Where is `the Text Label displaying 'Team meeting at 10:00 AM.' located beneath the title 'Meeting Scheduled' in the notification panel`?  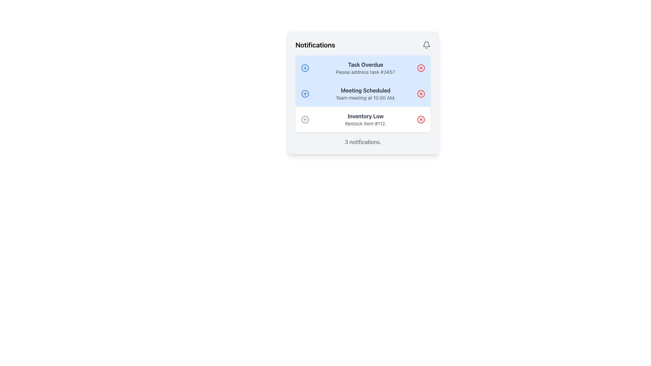 the Text Label displaying 'Team meeting at 10:00 AM.' located beneath the title 'Meeting Scheduled' in the notification panel is located at coordinates (365, 98).